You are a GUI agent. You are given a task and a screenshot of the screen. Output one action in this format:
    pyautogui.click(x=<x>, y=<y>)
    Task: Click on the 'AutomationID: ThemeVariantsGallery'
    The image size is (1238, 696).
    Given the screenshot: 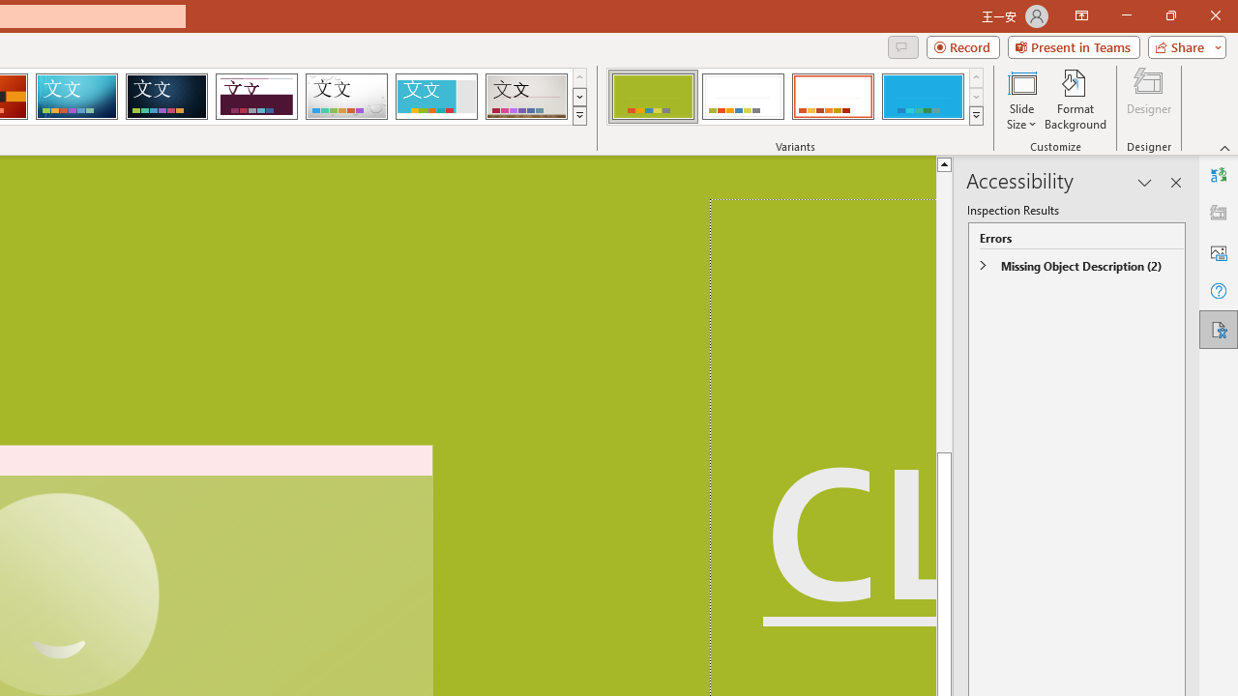 What is the action you would take?
    pyautogui.click(x=796, y=97)
    